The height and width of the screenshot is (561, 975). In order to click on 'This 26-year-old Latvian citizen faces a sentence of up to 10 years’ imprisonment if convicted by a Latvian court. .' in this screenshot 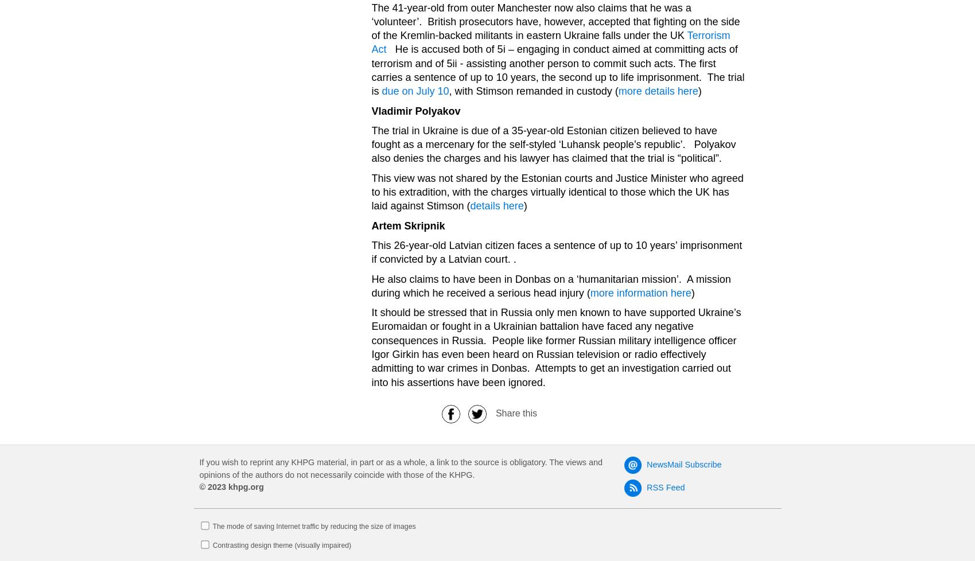, I will do `click(556, 251)`.